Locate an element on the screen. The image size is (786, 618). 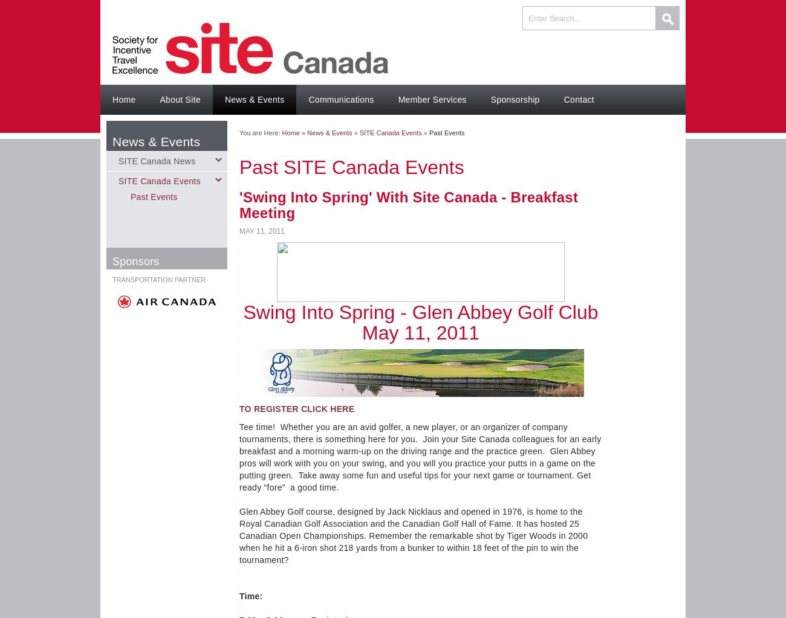
'Sponsors' is located at coordinates (135, 262).